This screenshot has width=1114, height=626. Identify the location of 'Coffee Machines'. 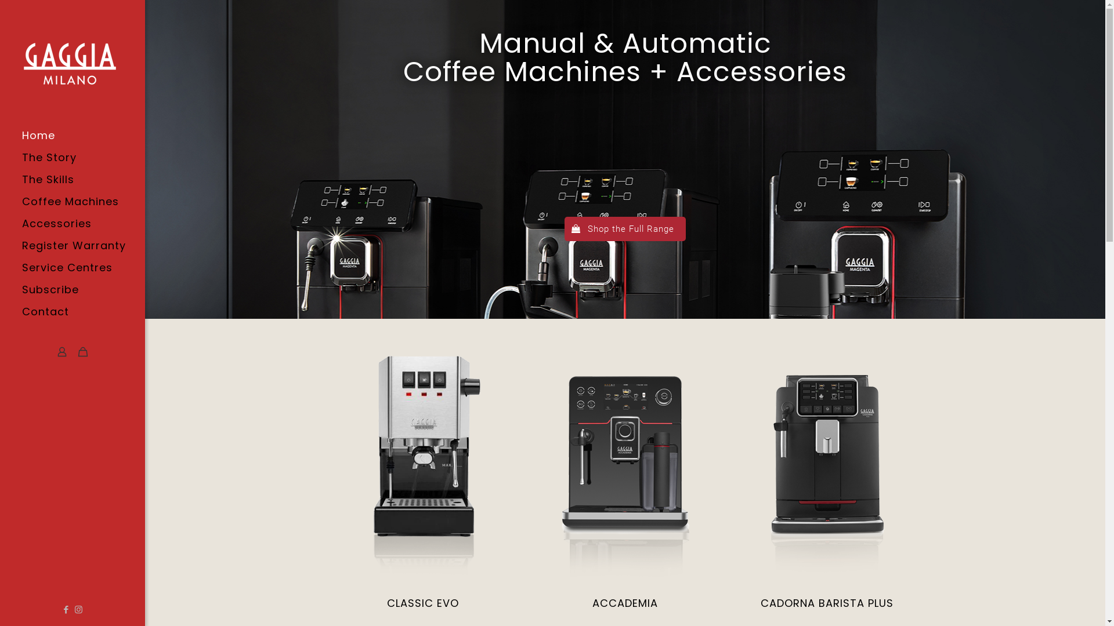
(71, 201).